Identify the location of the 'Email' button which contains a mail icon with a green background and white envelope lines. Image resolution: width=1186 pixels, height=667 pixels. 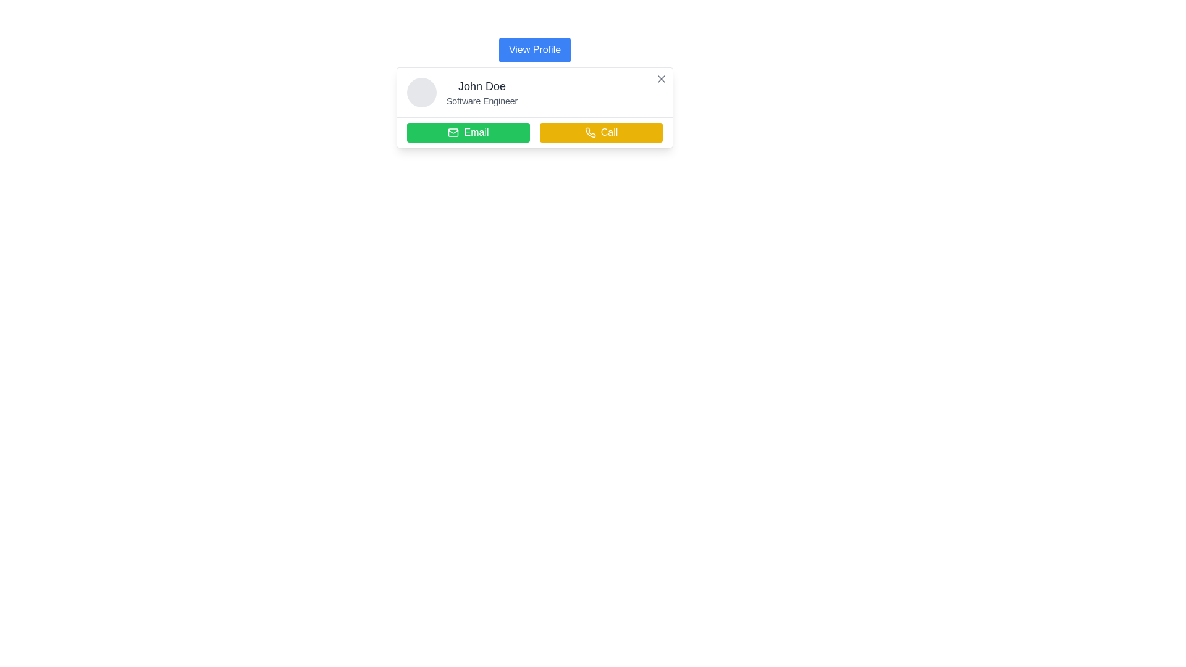
(453, 133).